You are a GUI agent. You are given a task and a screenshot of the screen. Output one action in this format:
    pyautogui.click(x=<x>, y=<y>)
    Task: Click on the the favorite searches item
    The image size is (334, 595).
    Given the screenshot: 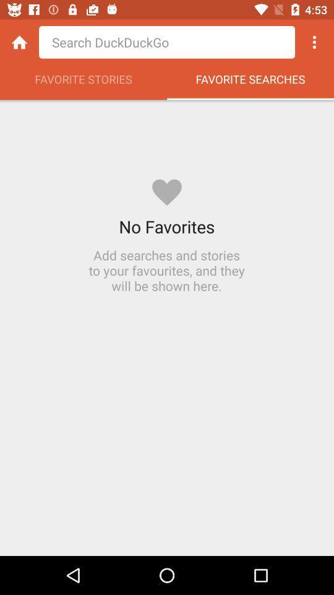 What is the action you would take?
    pyautogui.click(x=250, y=82)
    